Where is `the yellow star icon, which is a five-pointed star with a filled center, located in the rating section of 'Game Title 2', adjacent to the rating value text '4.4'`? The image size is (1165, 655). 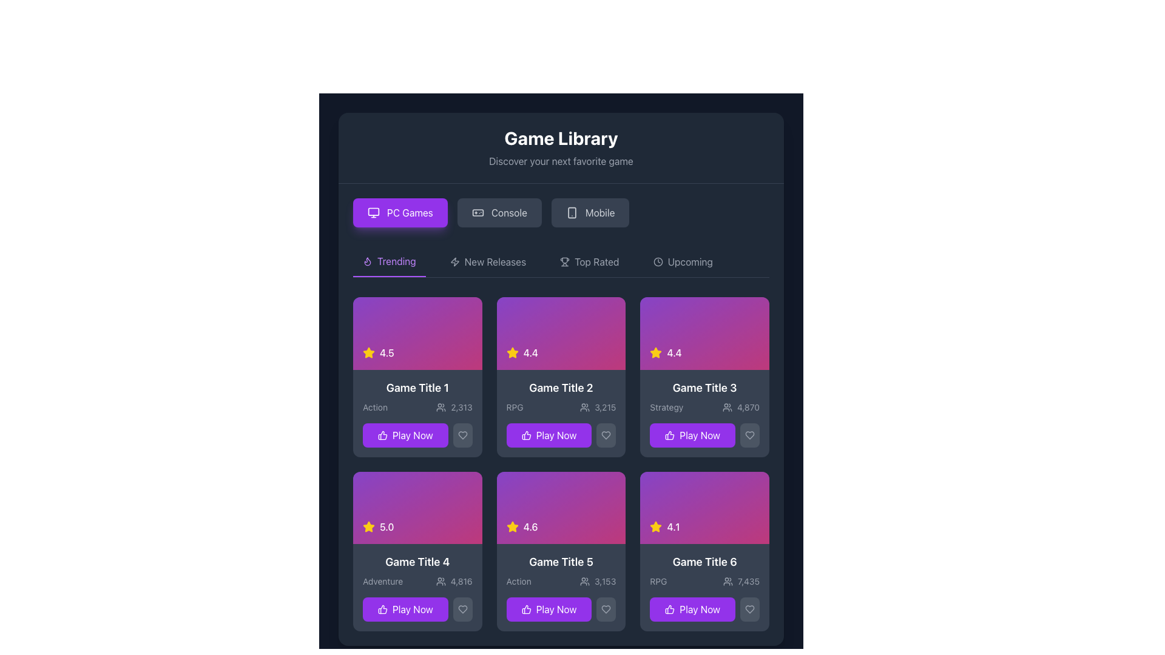
the yellow star icon, which is a five-pointed star with a filled center, located in the rating section of 'Game Title 2', adjacent to the rating value text '4.4' is located at coordinates (655, 526).